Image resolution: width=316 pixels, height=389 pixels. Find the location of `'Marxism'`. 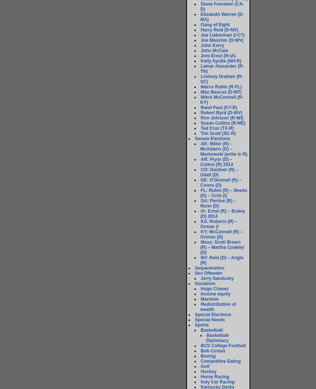

'Marxism' is located at coordinates (209, 299).